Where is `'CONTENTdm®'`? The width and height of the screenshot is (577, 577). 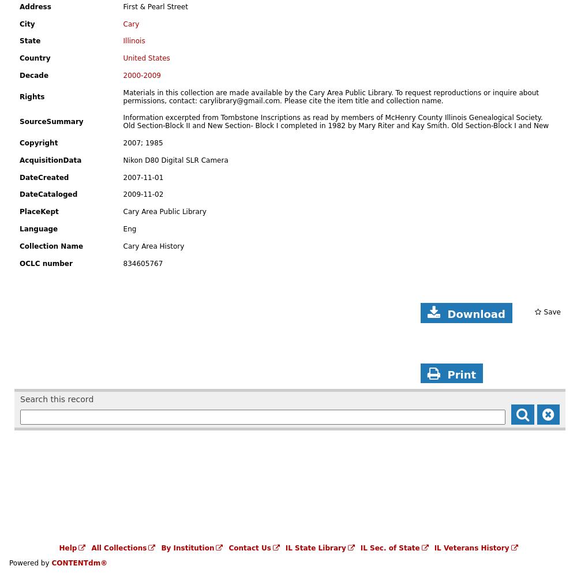 'CONTENTdm®' is located at coordinates (51, 563).